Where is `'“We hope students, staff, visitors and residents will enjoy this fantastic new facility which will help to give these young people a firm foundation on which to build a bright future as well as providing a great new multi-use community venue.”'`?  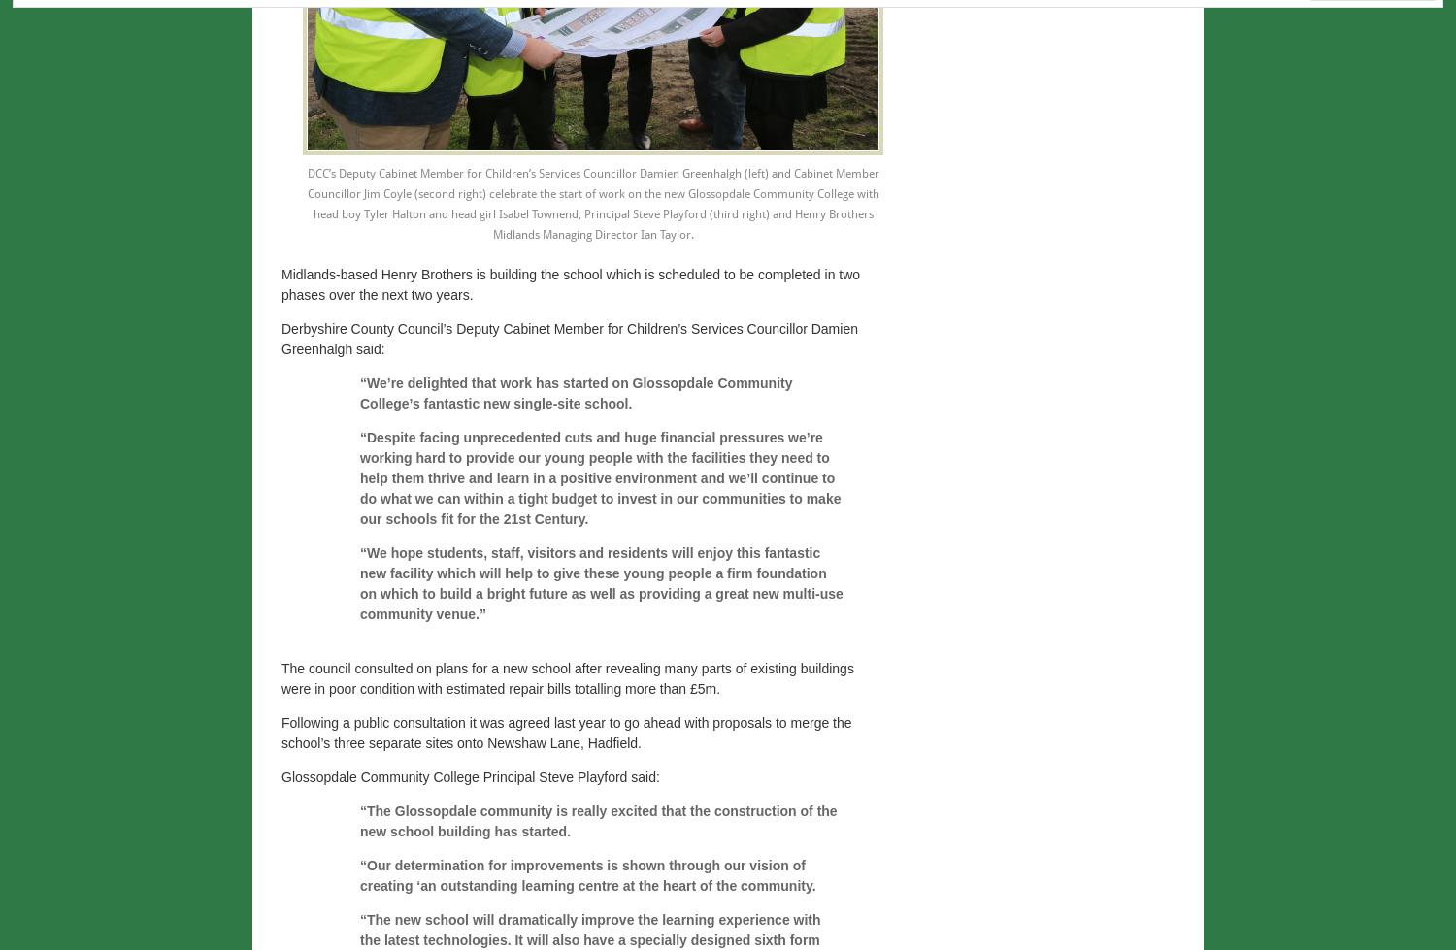 '“We hope students, staff, visitors and residents will enjoy this fantastic new facility which will help to give these young people a firm foundation on which to build a bright future as well as providing a great new multi-use community venue.”' is located at coordinates (600, 582).